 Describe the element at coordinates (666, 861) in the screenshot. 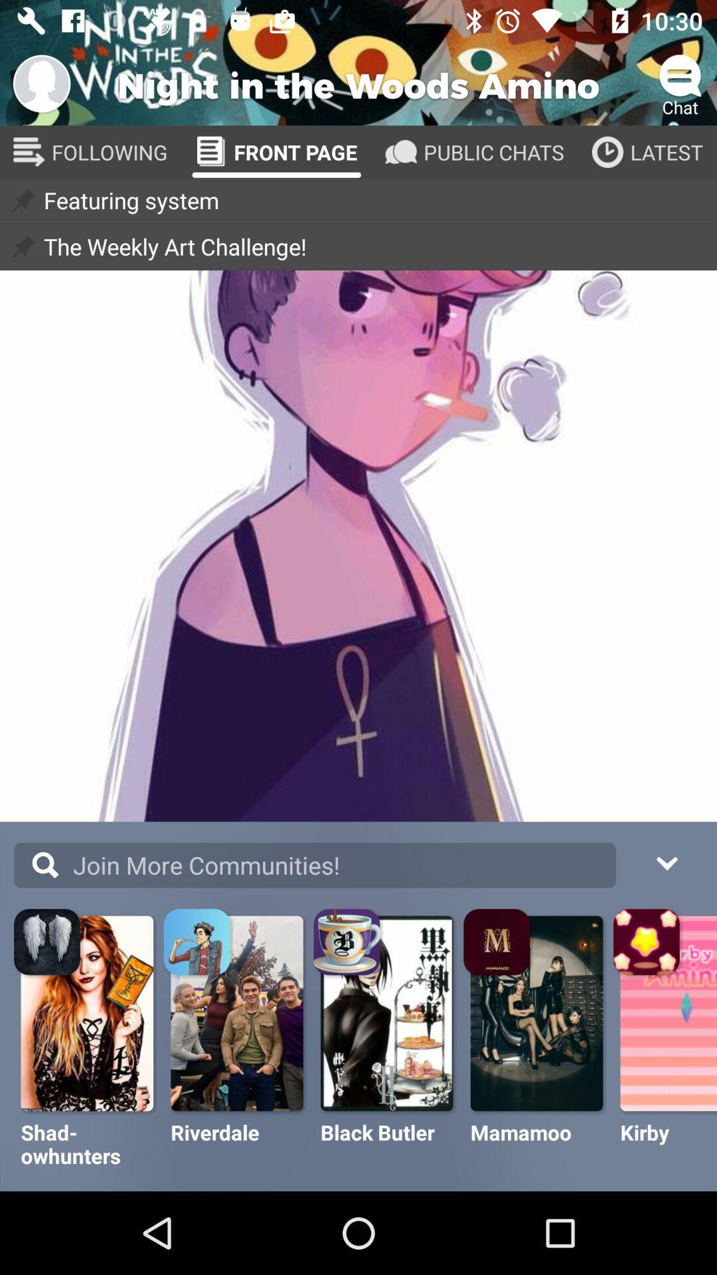

I see `the expand_more icon` at that location.